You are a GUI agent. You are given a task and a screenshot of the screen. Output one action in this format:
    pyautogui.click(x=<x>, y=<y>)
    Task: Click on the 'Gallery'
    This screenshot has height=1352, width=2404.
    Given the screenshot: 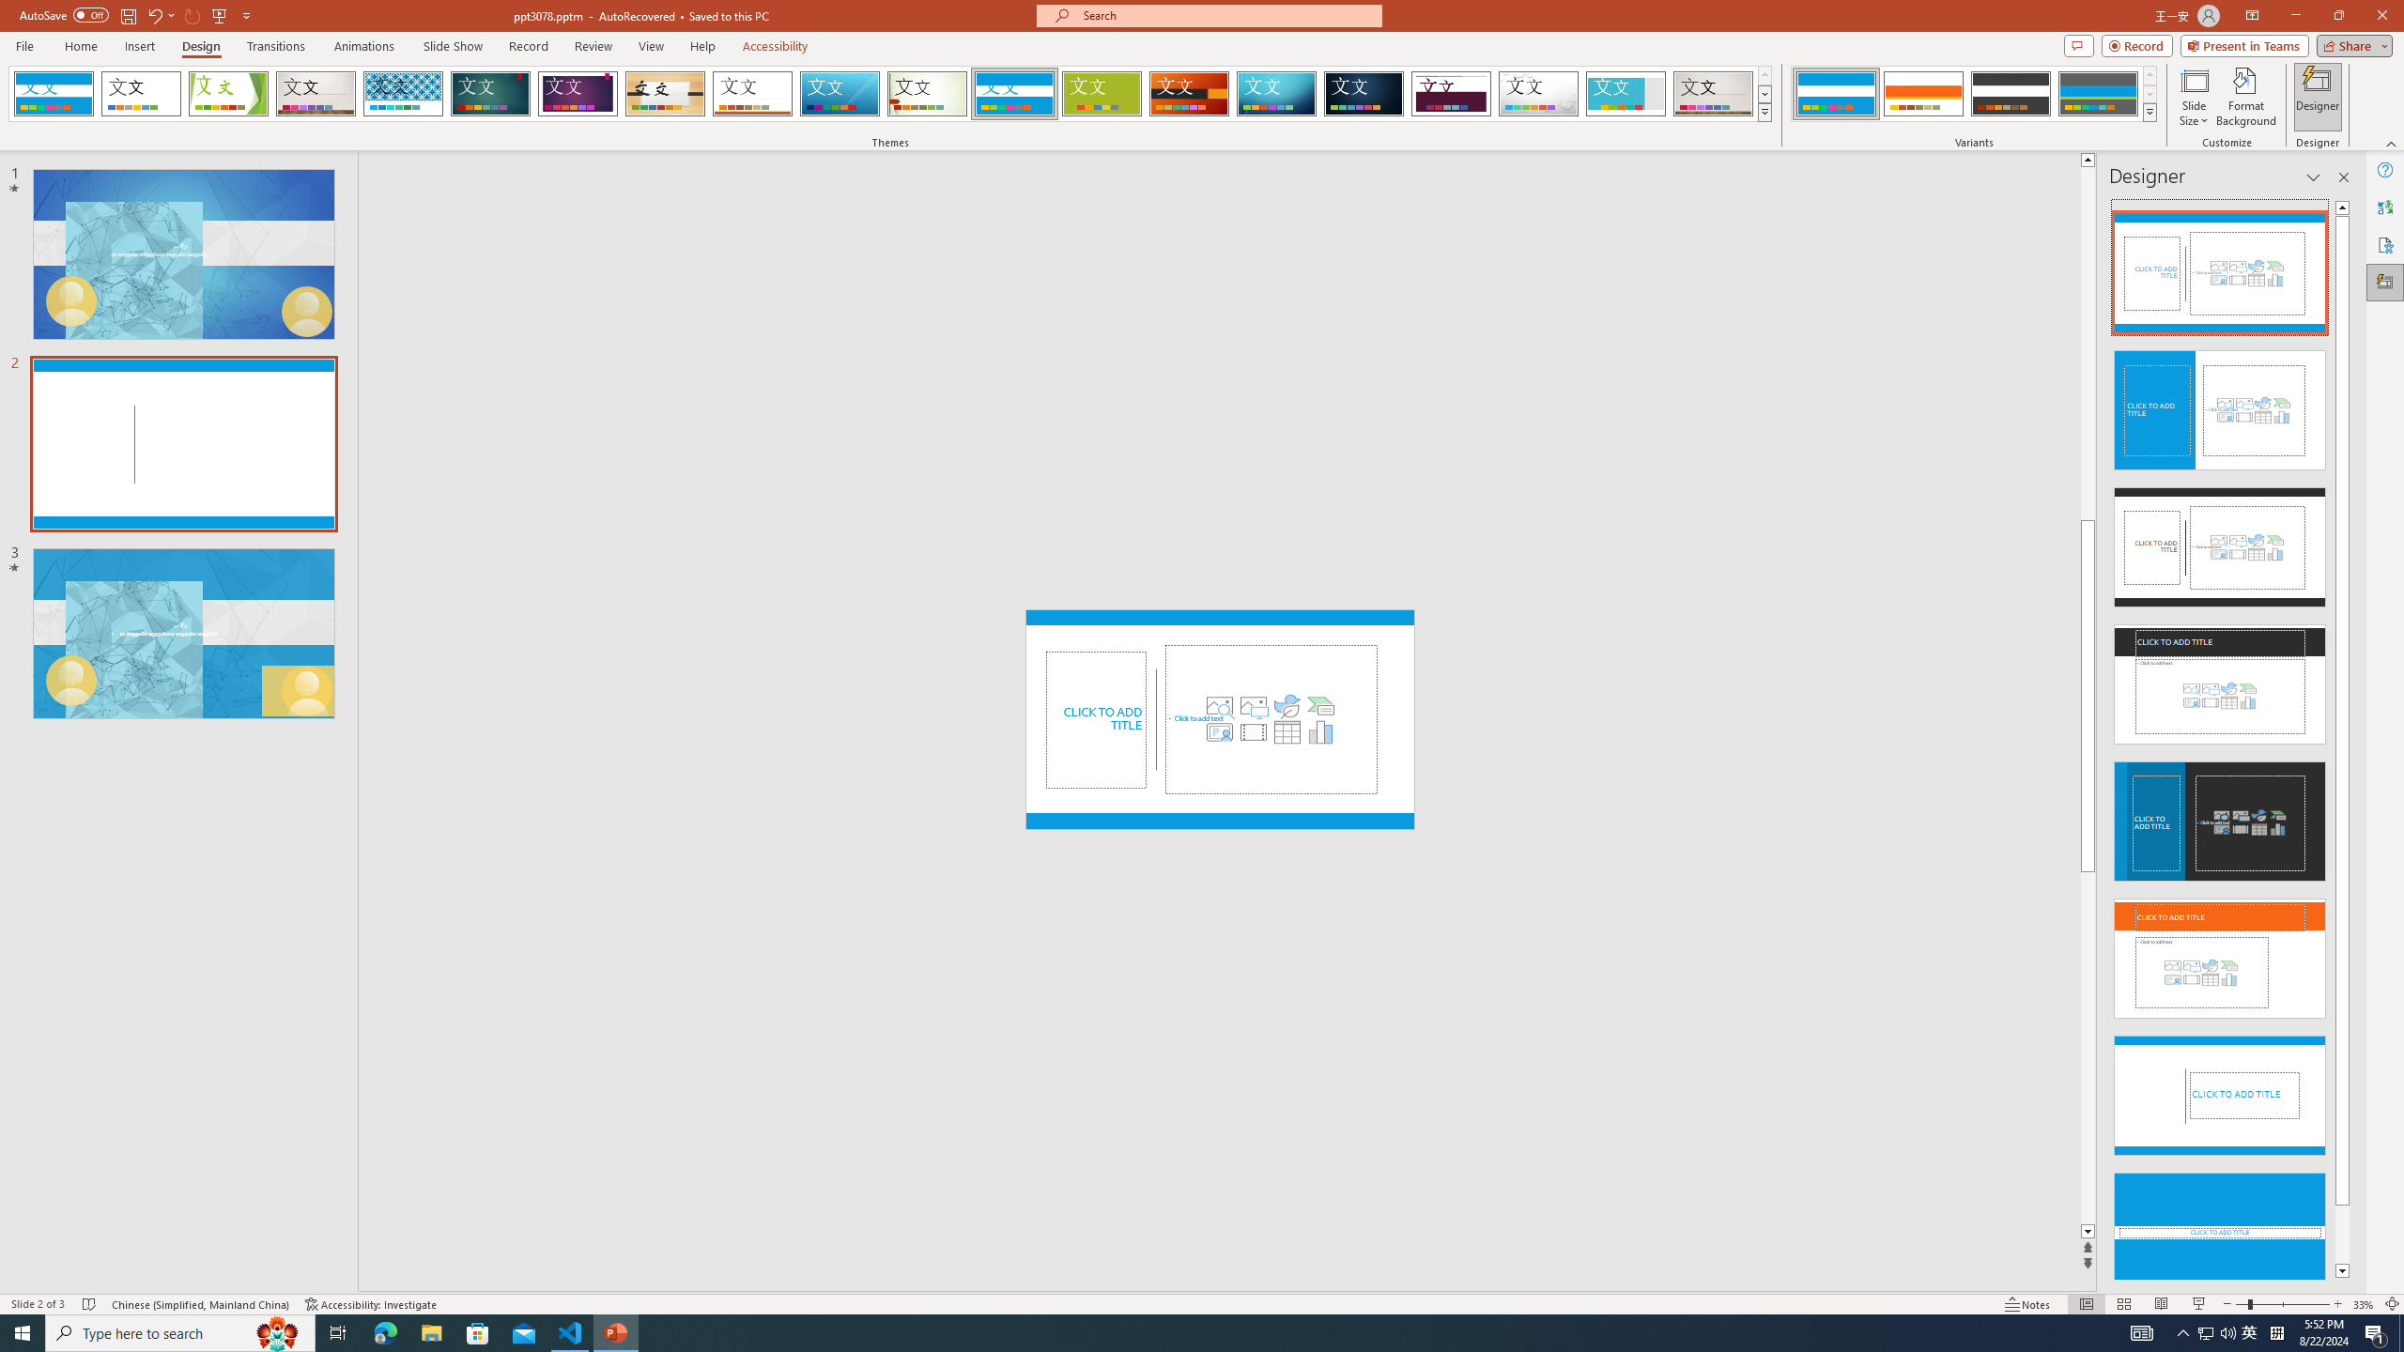 What is the action you would take?
    pyautogui.click(x=1714, y=93)
    